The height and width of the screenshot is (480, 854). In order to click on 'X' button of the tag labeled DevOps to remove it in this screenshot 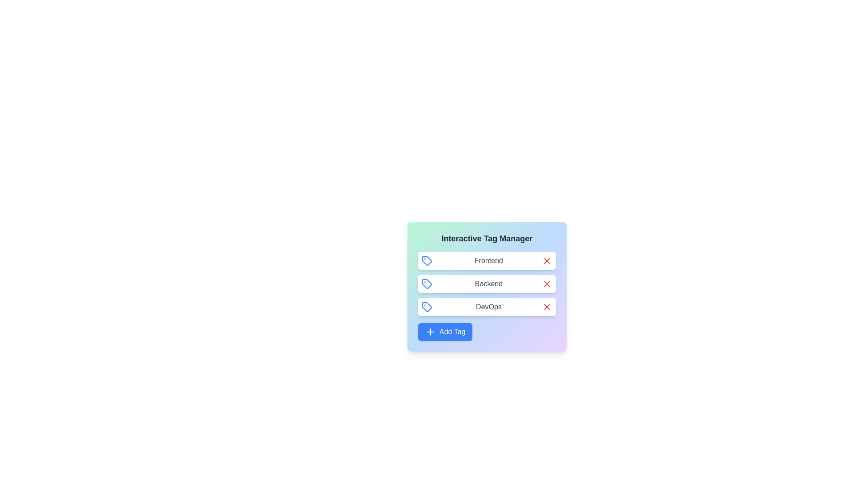, I will do `click(546, 306)`.